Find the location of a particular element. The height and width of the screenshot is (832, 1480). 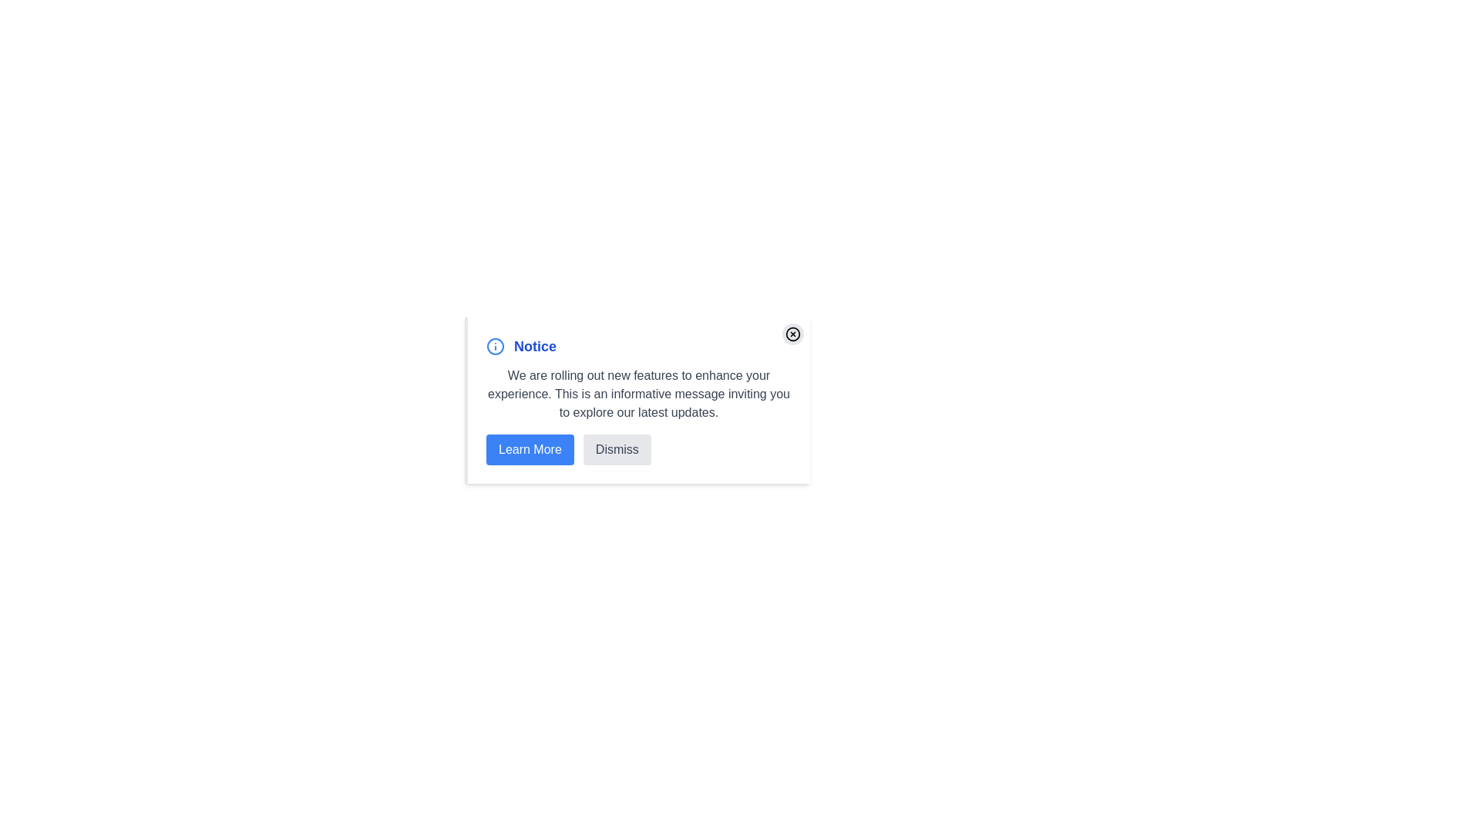

the center of the 'Notice' title is located at coordinates (639, 347).